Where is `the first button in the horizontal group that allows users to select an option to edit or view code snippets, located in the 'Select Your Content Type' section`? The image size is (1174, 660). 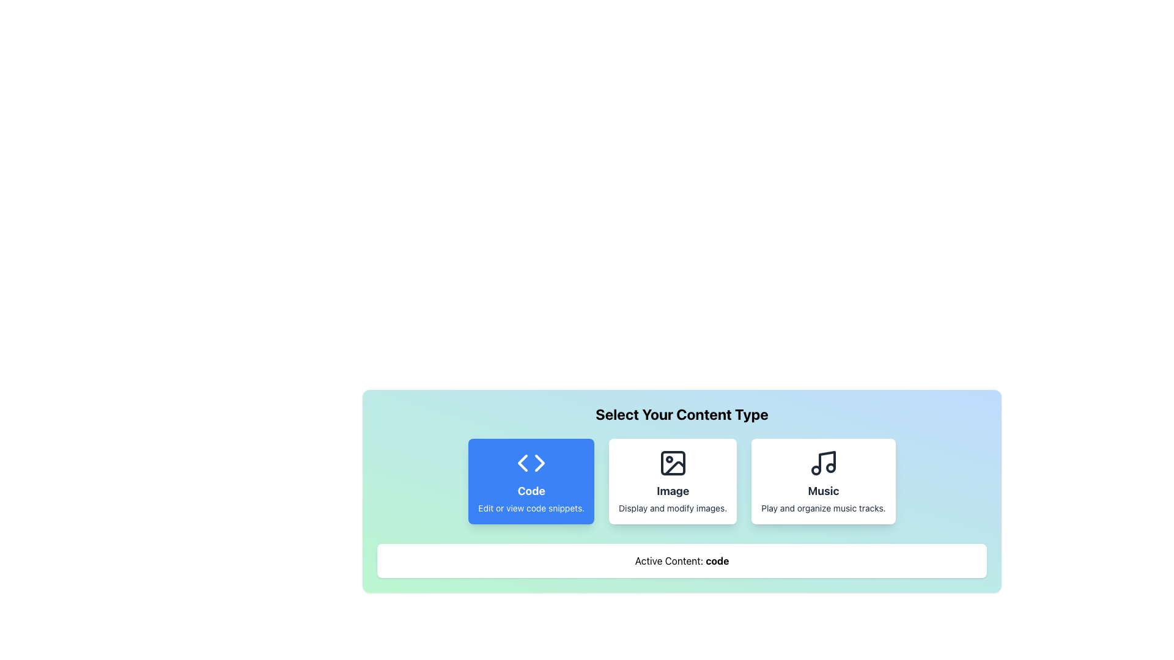 the first button in the horizontal group that allows users to select an option to edit or view code snippets, located in the 'Select Your Content Type' section is located at coordinates (531, 480).